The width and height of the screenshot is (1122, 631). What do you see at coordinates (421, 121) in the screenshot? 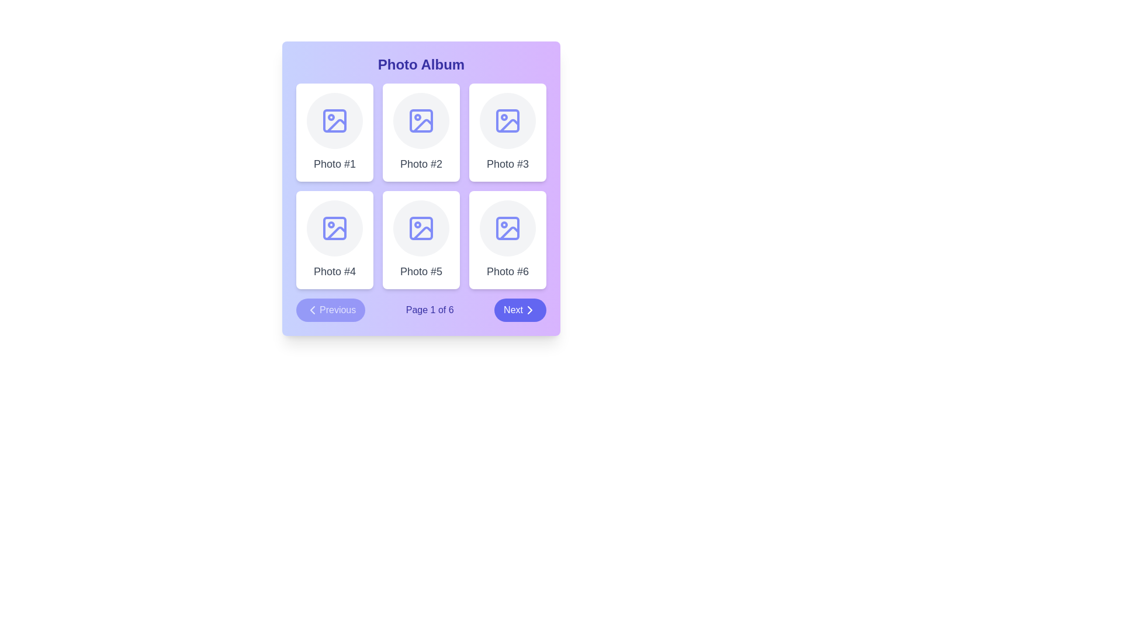
I see `the image placeholder labeled 'Photo #2' located at the top-center of the grid in the second column of the first row` at bounding box center [421, 121].